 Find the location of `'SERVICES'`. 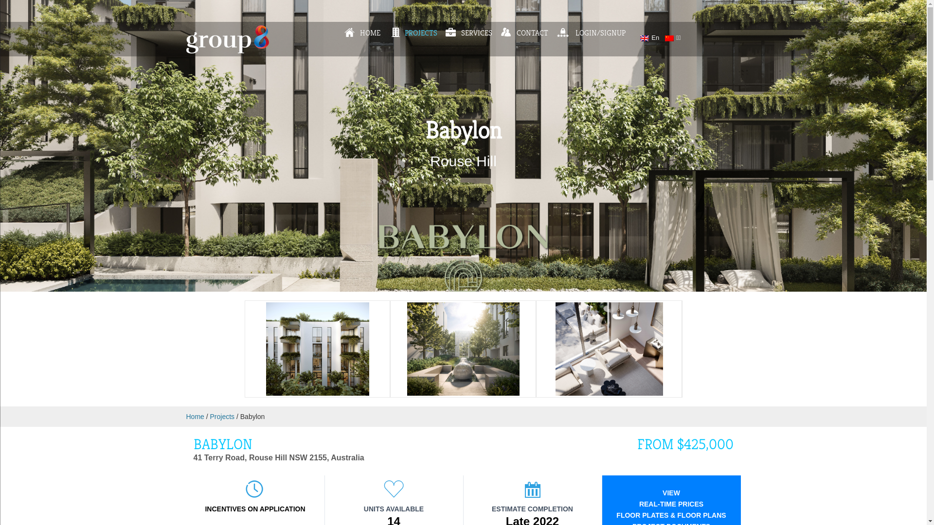

'SERVICES' is located at coordinates (445, 33).